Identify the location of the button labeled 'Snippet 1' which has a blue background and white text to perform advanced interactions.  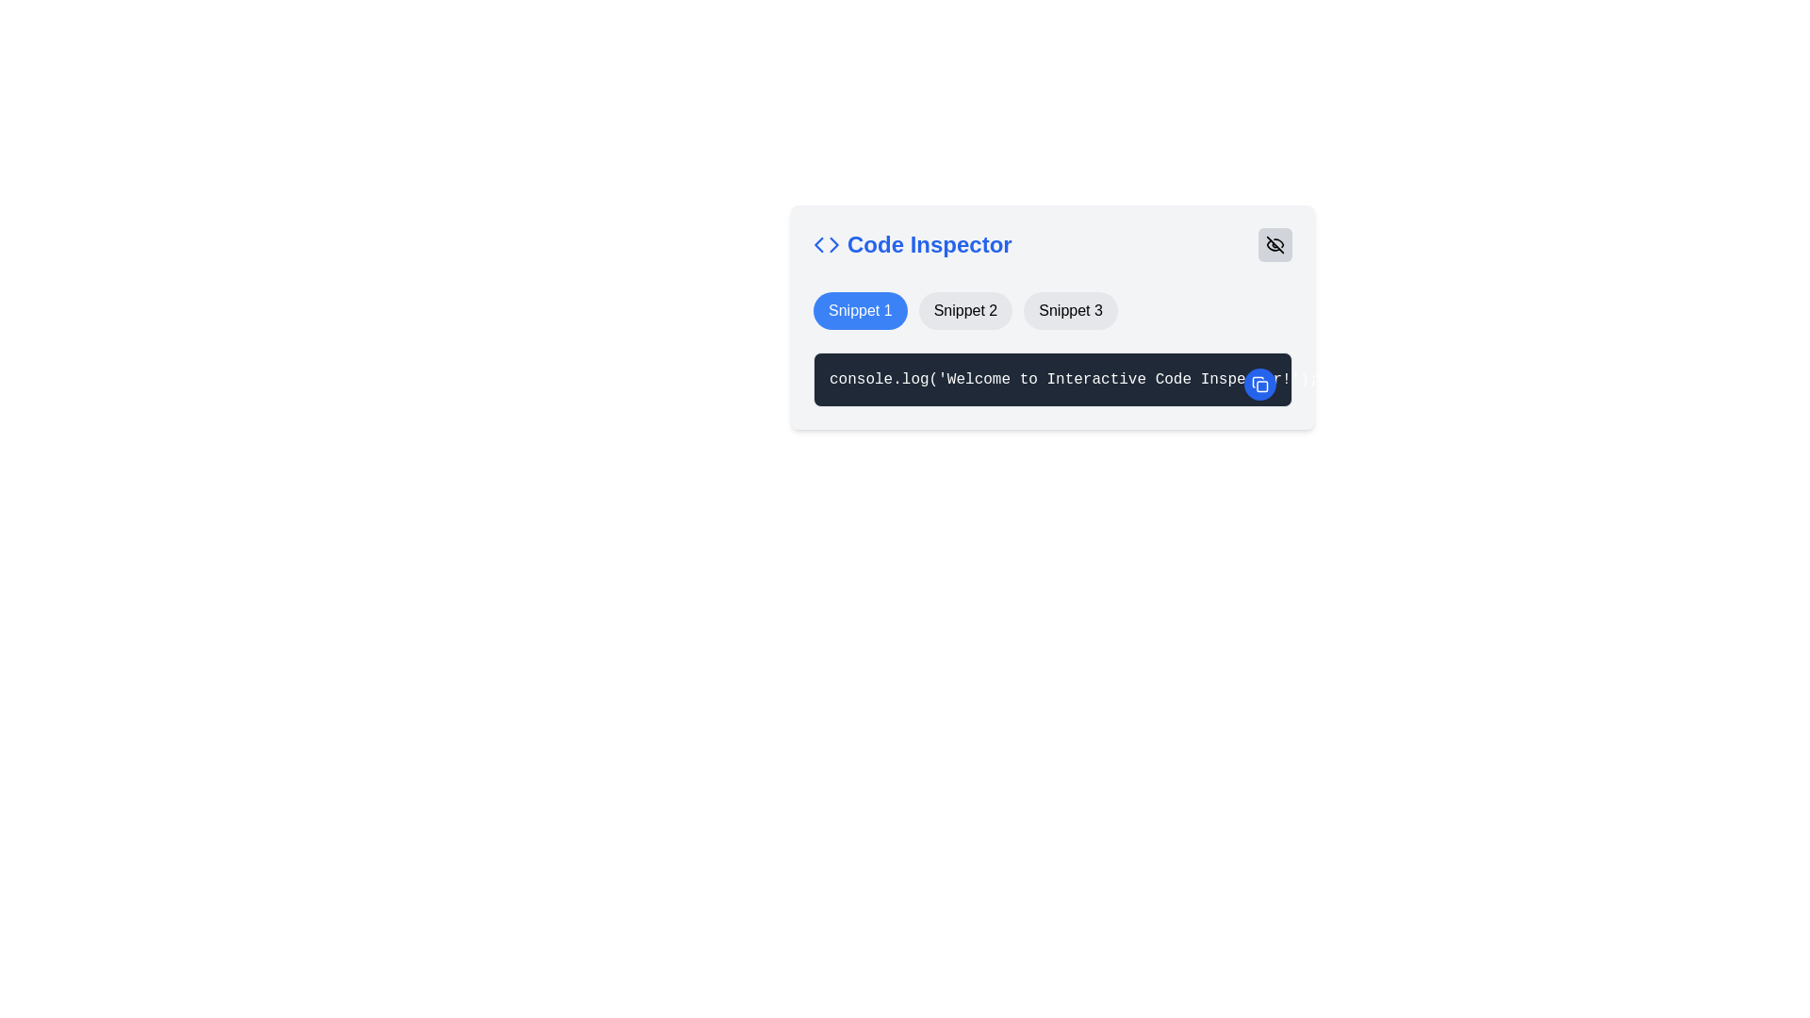
(859, 310).